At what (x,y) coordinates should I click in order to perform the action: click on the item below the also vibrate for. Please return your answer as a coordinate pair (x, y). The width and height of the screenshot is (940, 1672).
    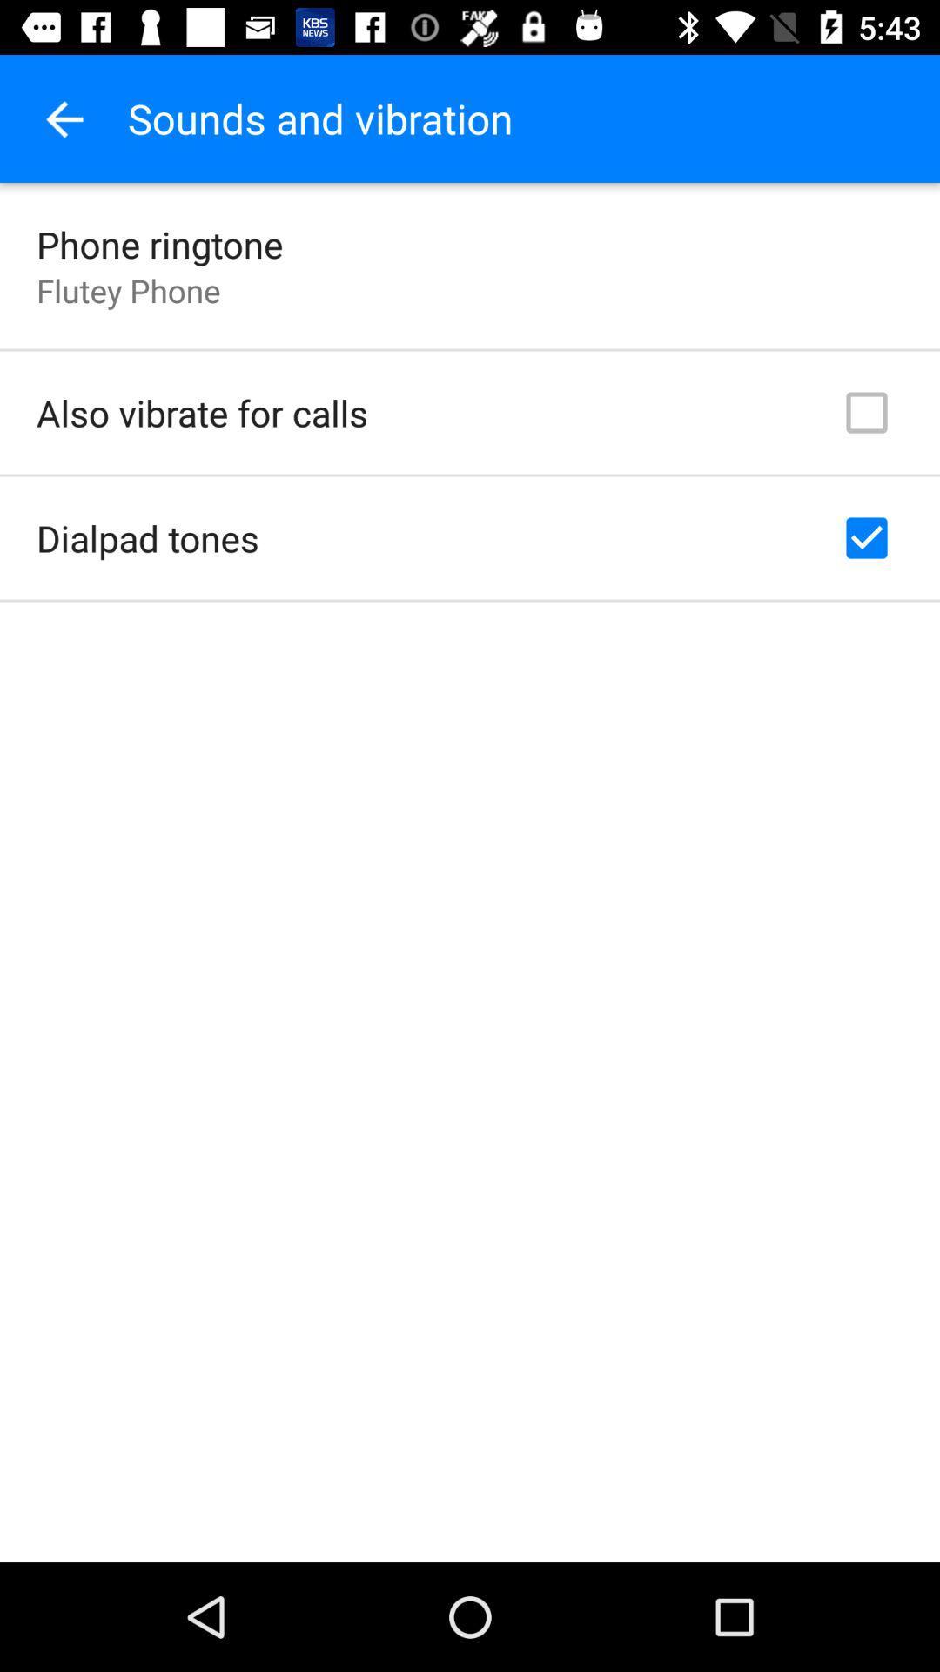
    Looking at the image, I should click on (146, 537).